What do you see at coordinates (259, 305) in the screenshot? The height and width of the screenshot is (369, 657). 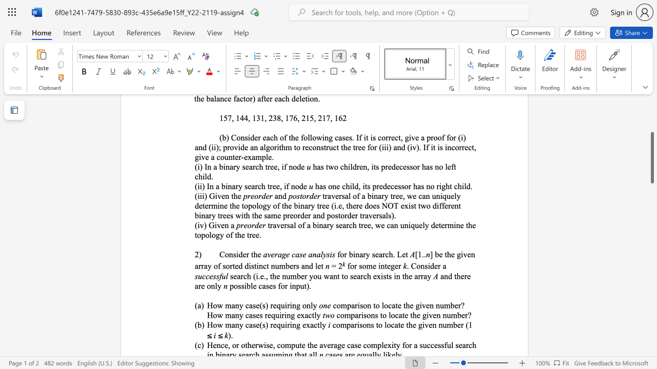 I see `the subset text "(s) requiri" within the text "How many case(s) requiring only"` at bounding box center [259, 305].